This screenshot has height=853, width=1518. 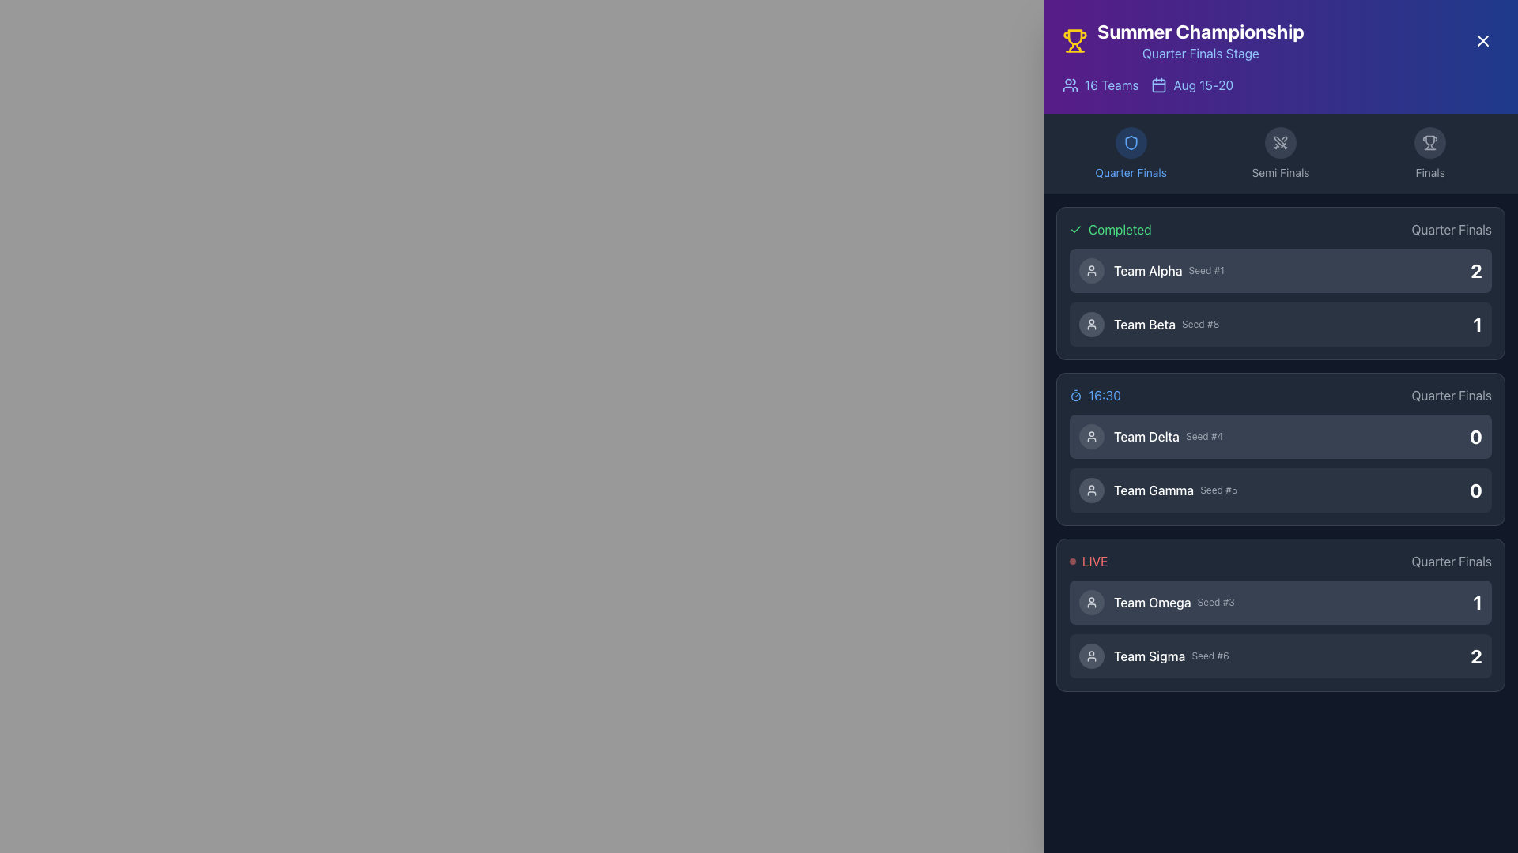 What do you see at coordinates (1130, 173) in the screenshot?
I see `the 'Quarter Finals' navigation label, which is positioned centrally between the shield icon and other navigation options` at bounding box center [1130, 173].